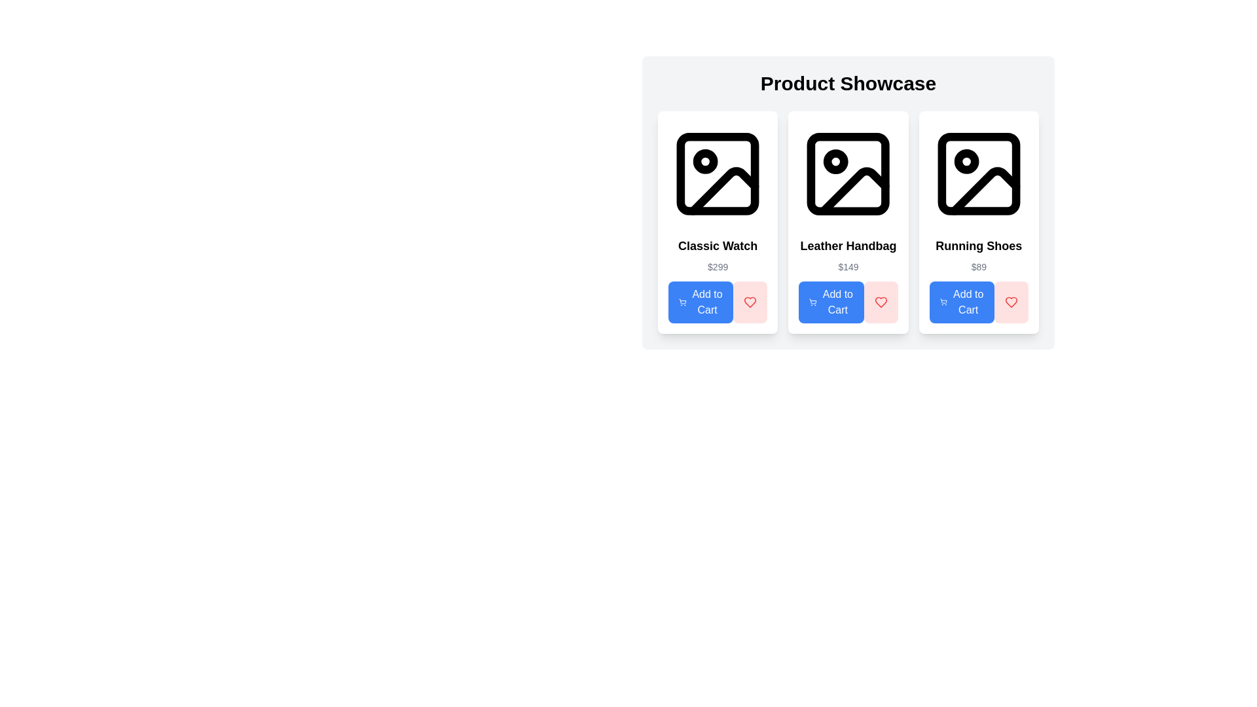  What do you see at coordinates (717, 266) in the screenshot?
I see `the gray small-sized text label displaying '$299', which is positioned below the 'Classic Watch' title and above the button group in the first product card` at bounding box center [717, 266].